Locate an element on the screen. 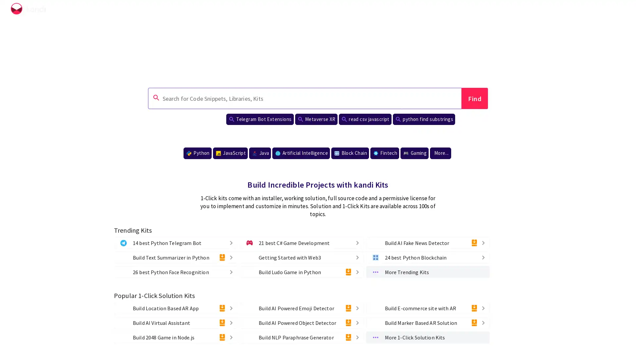  getting-started-with-web3 Getting Started with Web3 is located at coordinates (301, 257).